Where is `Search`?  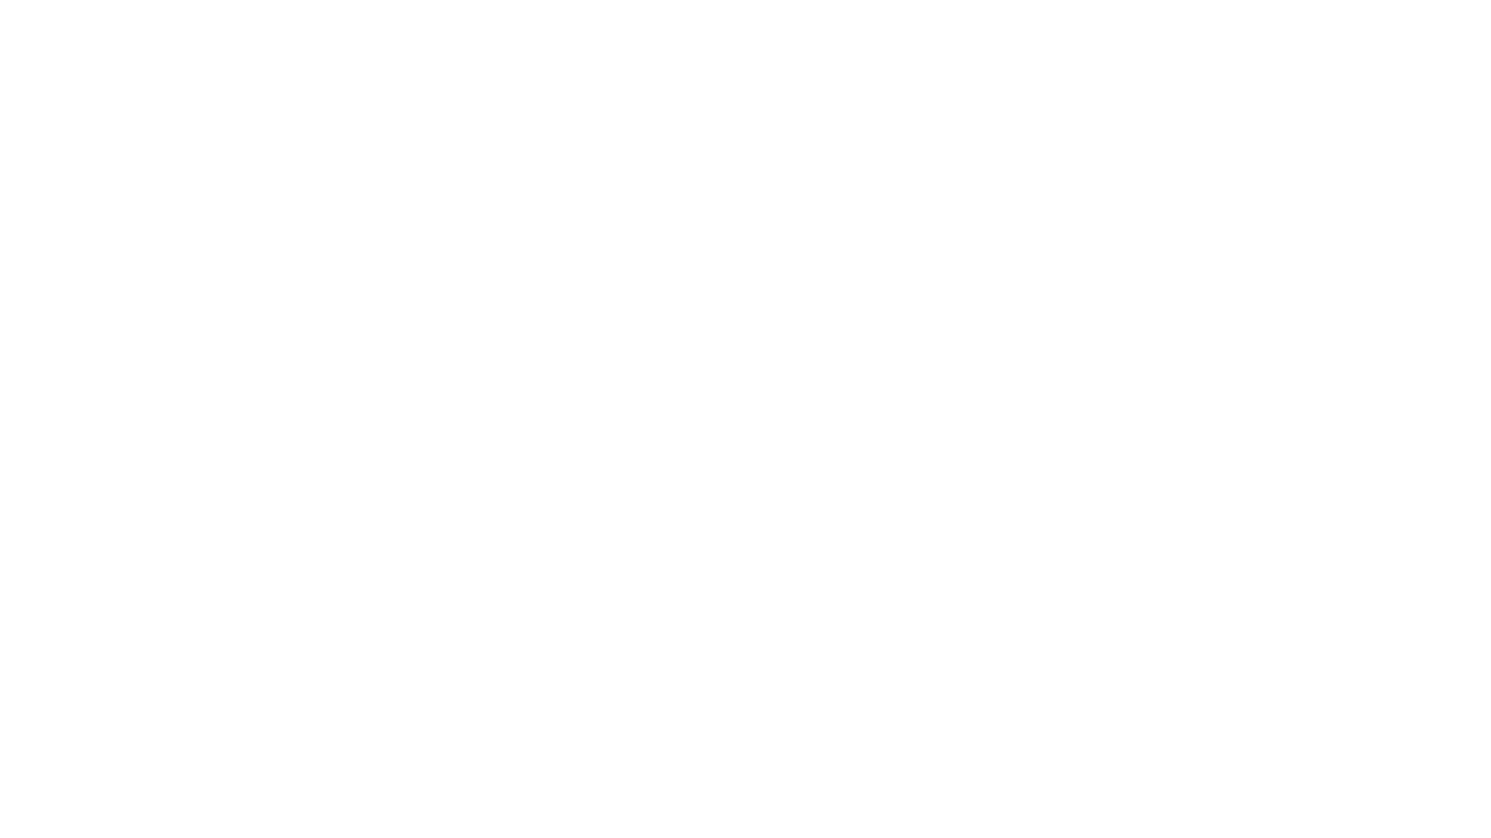
Search is located at coordinates (978, 419).